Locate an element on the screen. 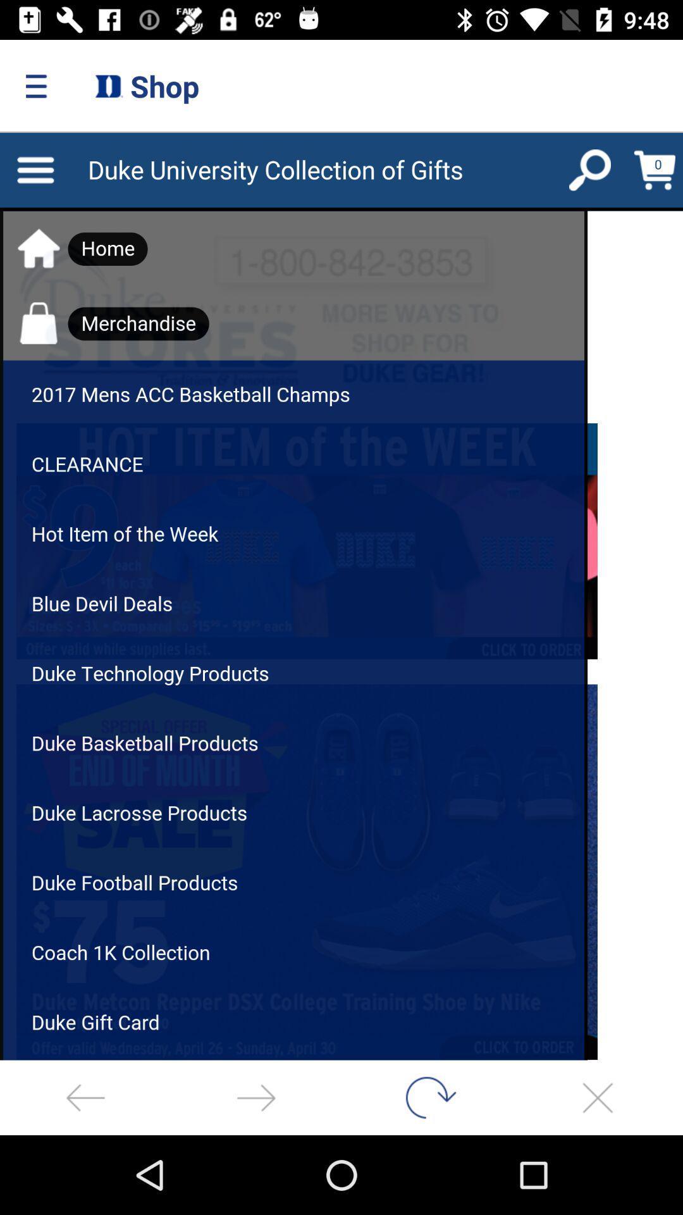 The width and height of the screenshot is (683, 1215). refresh key is located at coordinates (427, 1097).